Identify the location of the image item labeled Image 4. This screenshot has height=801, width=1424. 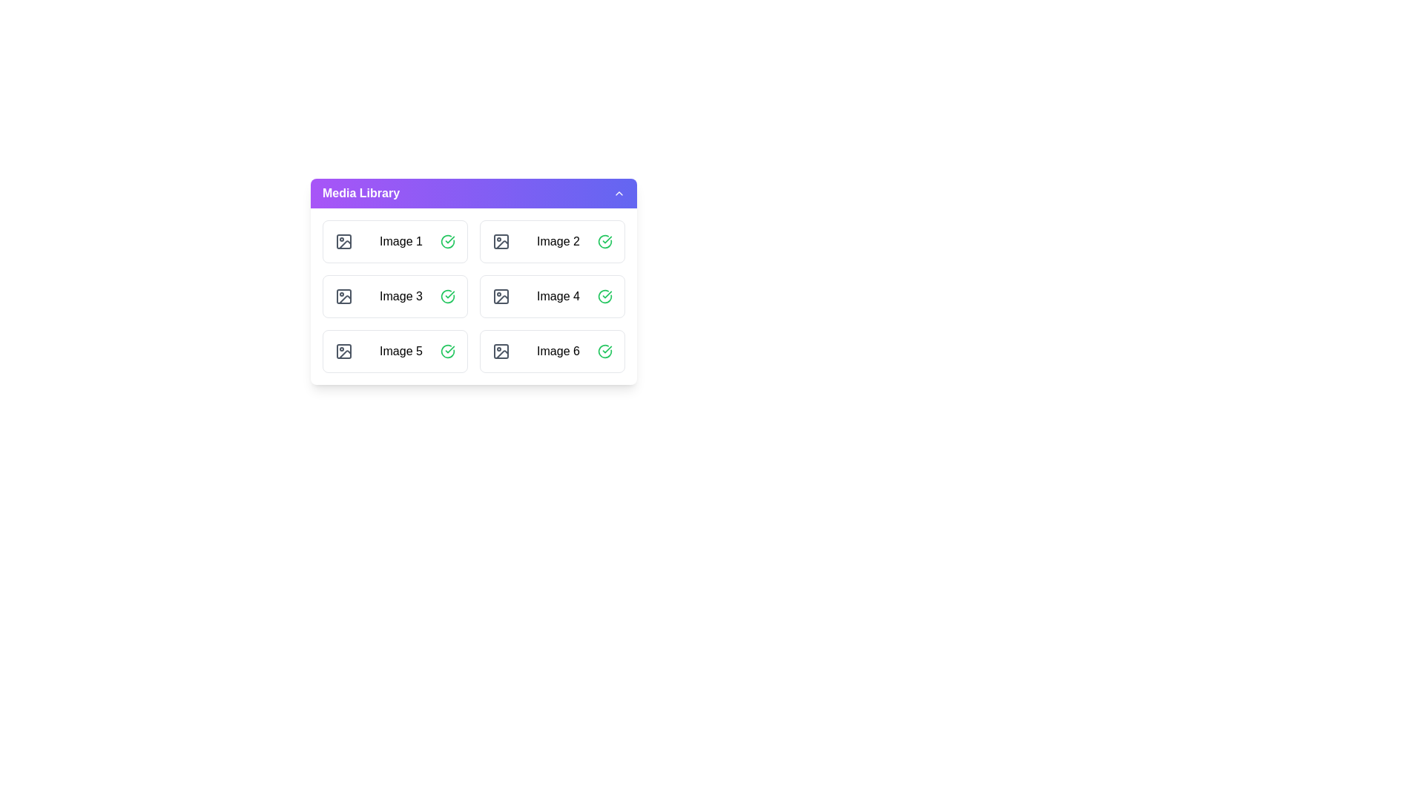
(551, 297).